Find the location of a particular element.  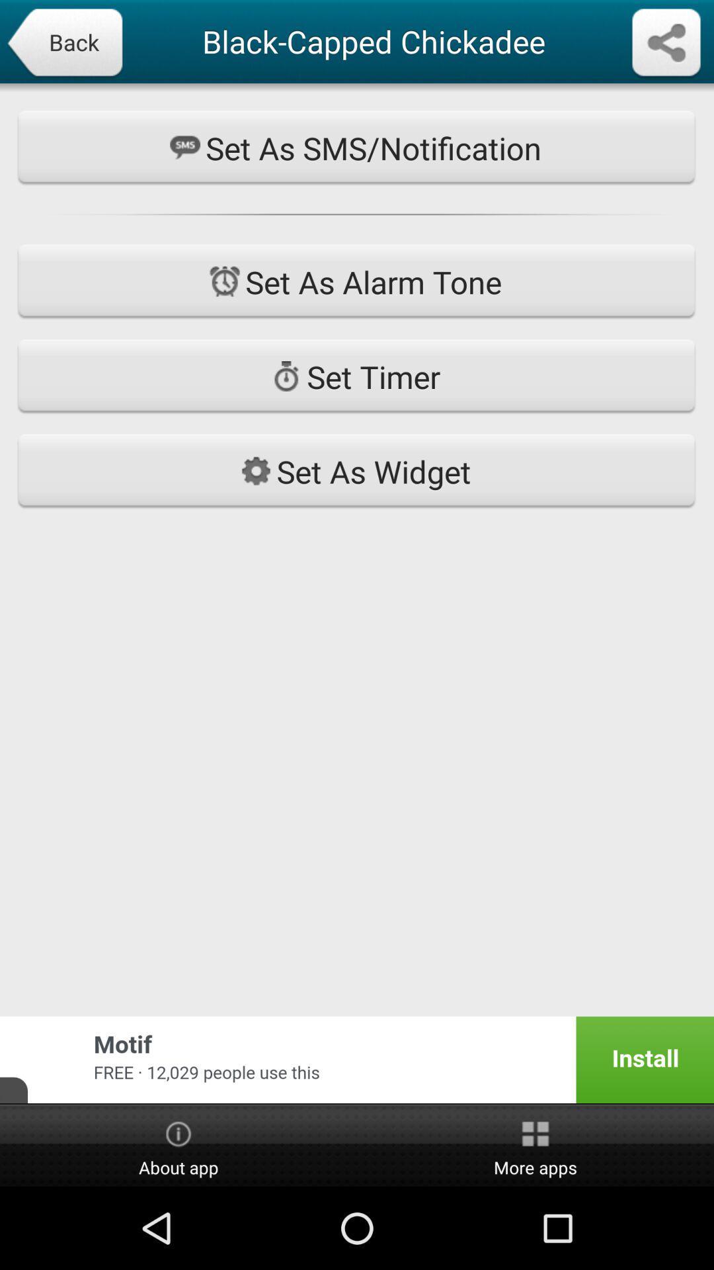

banner advertisement is located at coordinates (357, 1060).